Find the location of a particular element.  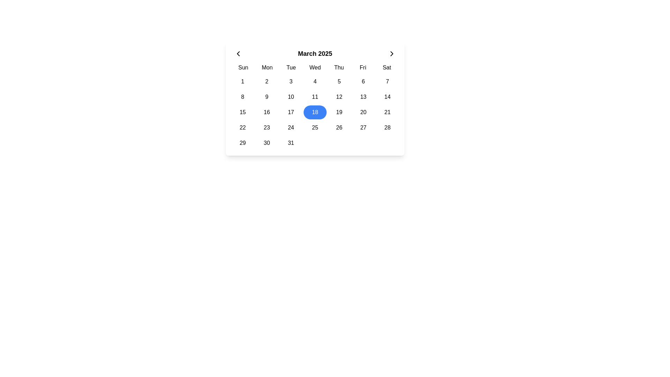

the button representing the number '9' is located at coordinates (266, 97).